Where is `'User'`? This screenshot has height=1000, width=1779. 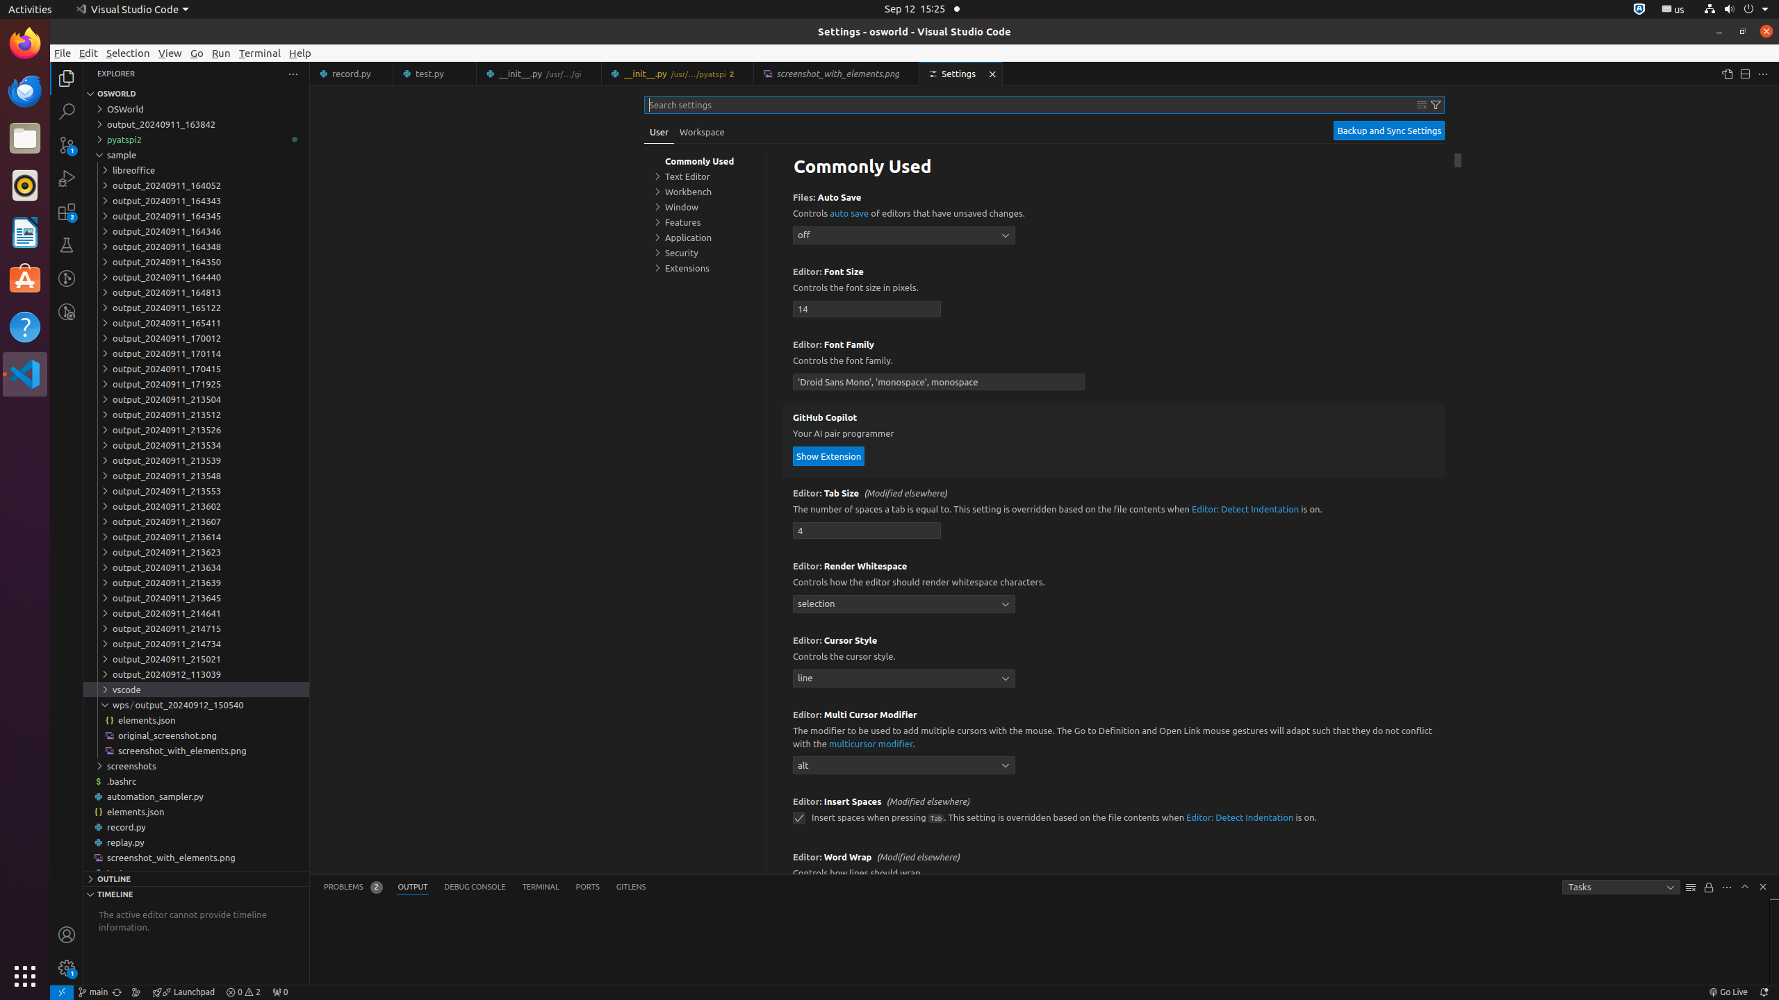 'User' is located at coordinates (658, 131).